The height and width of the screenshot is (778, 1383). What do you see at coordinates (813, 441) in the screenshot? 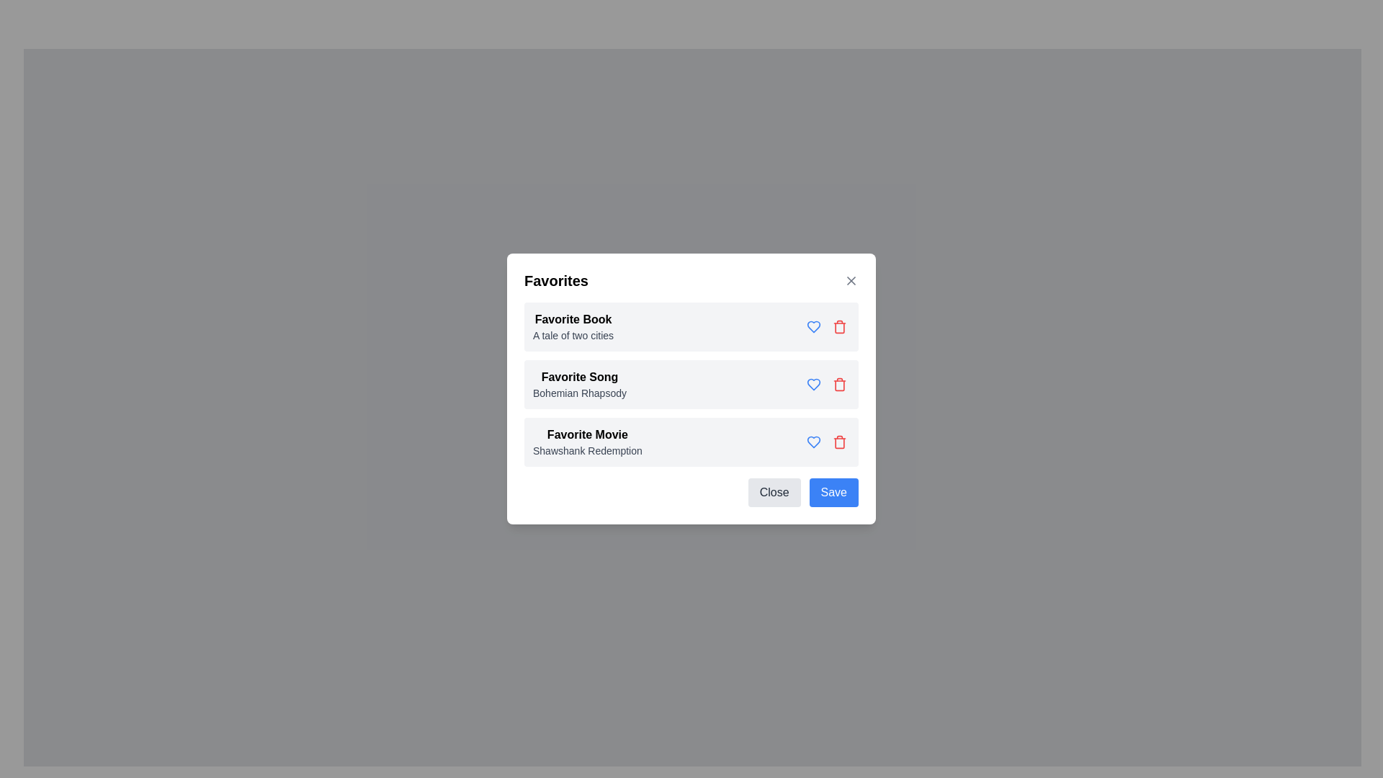
I see `the heart button located next to the text 'Favorite Movie' in the third row of the 'Favorites' modal dialog` at bounding box center [813, 441].